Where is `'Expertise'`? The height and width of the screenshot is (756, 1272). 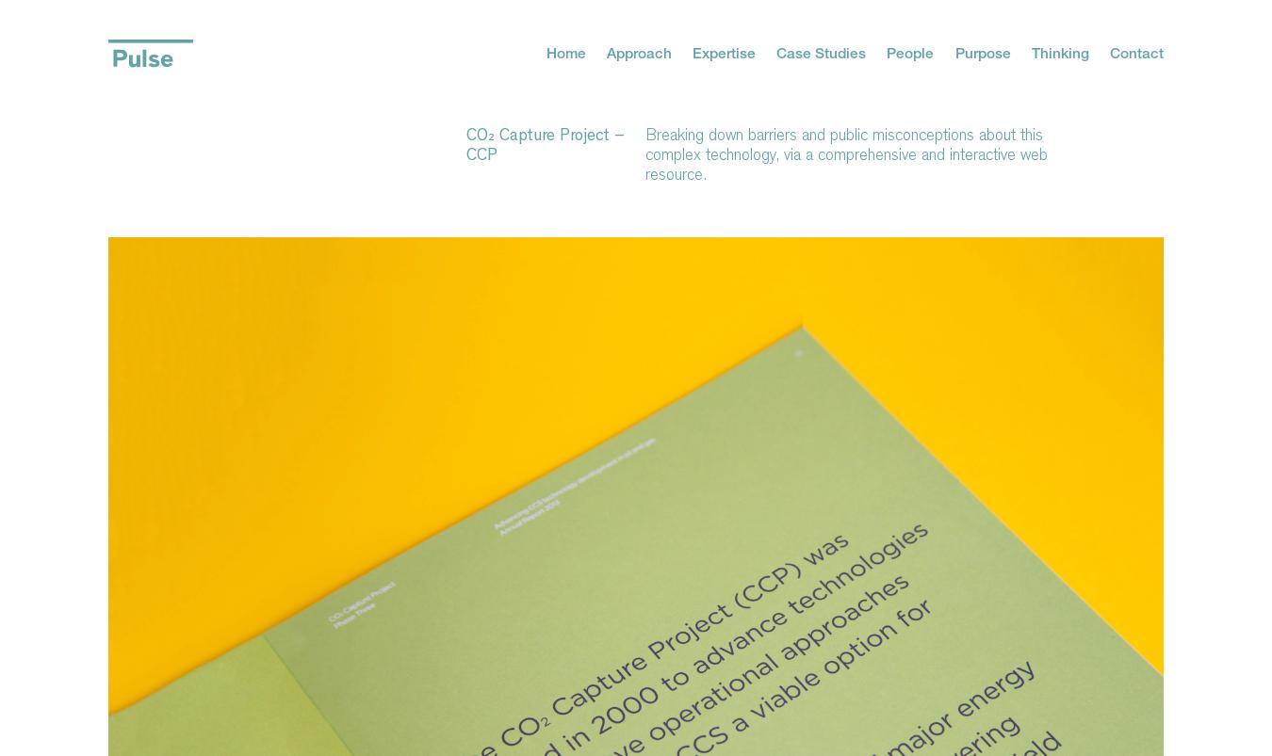
'Expertise' is located at coordinates (723, 51).